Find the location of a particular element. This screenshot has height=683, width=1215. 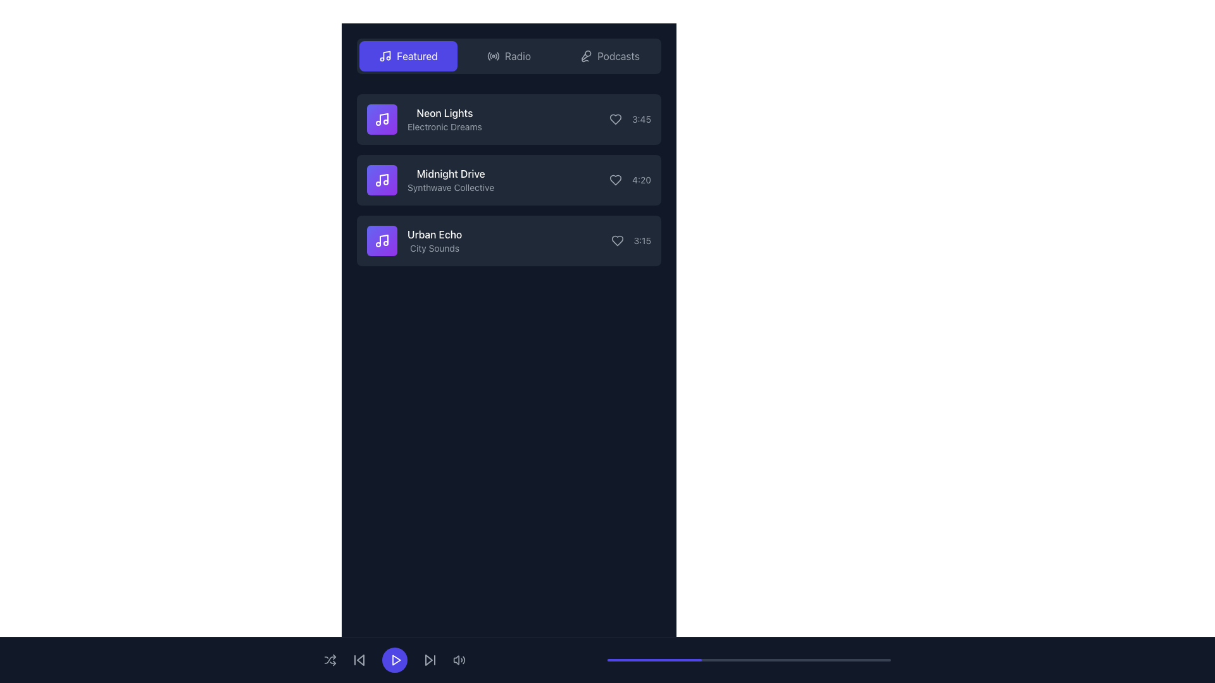

the label indicating the total playback time for the track 'Midnight Drive', located to the right side of the row near the heart icon is located at coordinates (630, 180).